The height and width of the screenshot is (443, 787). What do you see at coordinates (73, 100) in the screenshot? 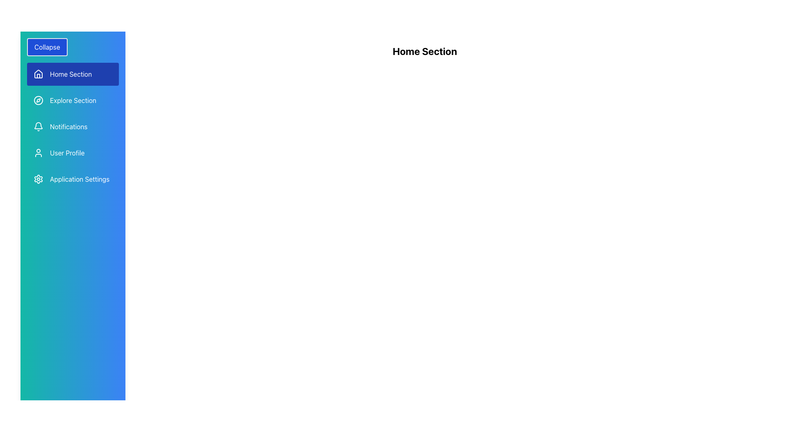
I see `the 'Explore Section' navigation link, which is the second item in the left-side navigation bar` at bounding box center [73, 100].